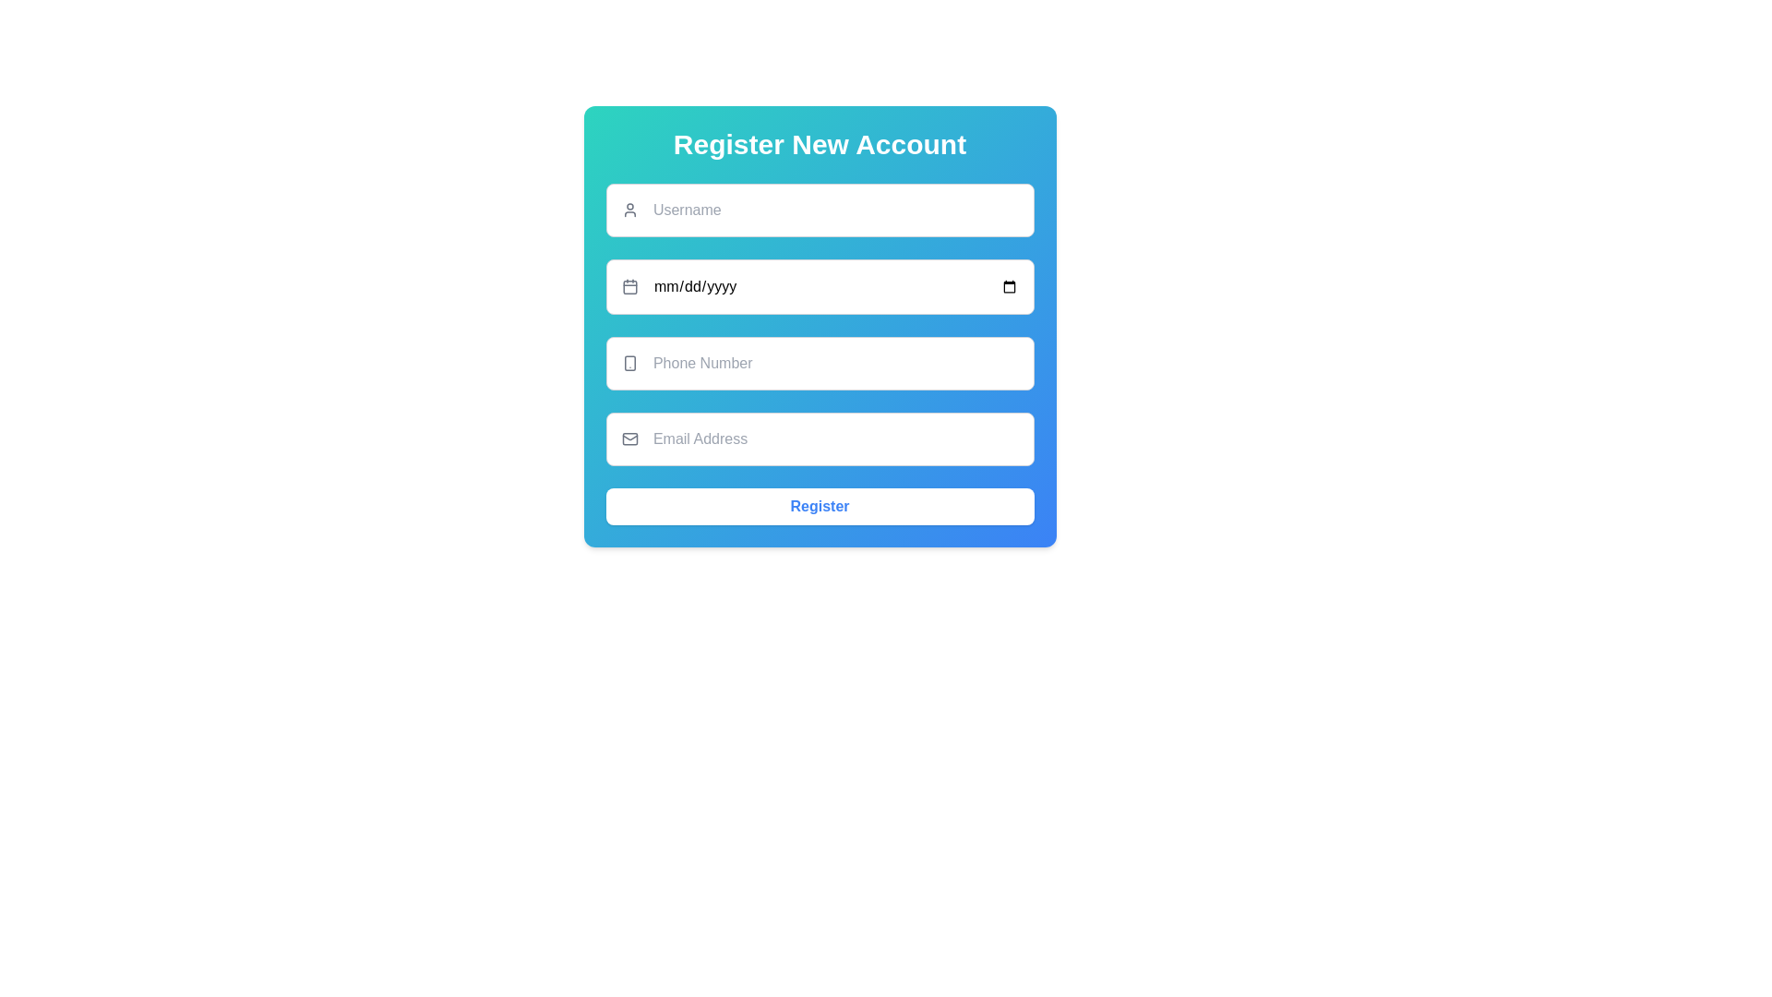  What do you see at coordinates (819, 326) in the screenshot?
I see `a date from the date picker in the registration form located at the center of the form section` at bounding box center [819, 326].